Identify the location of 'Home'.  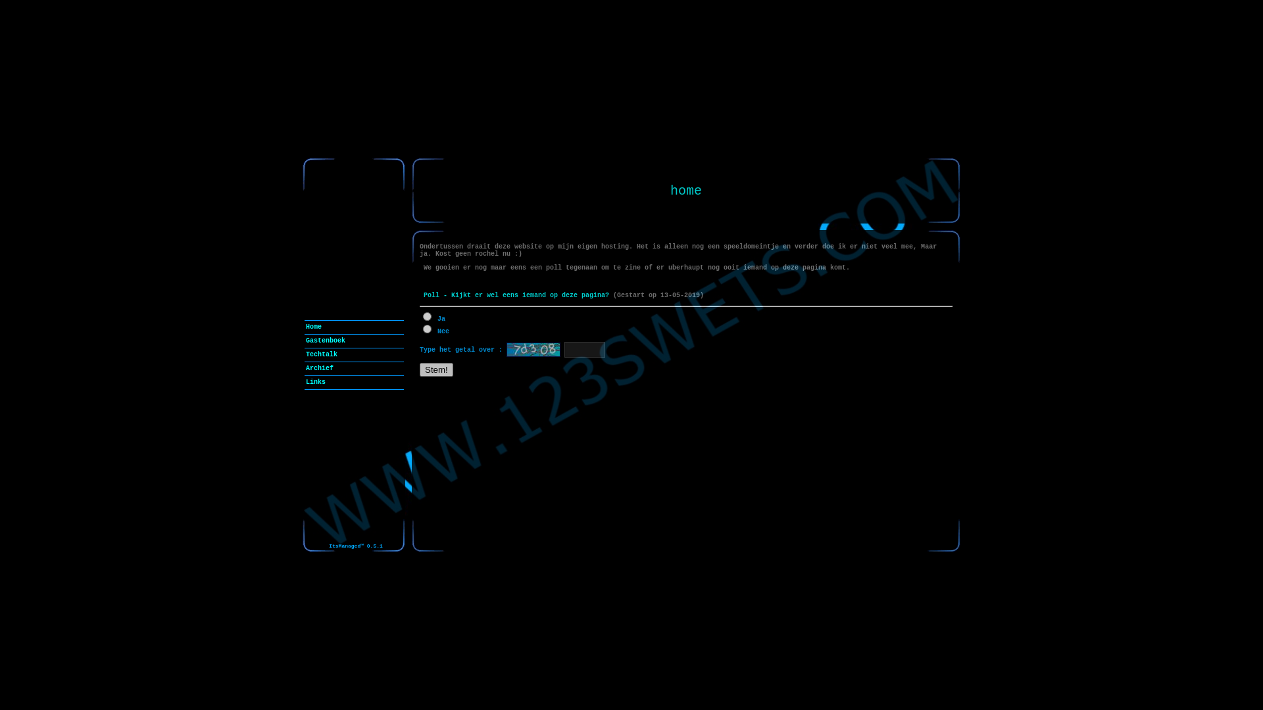
(354, 326).